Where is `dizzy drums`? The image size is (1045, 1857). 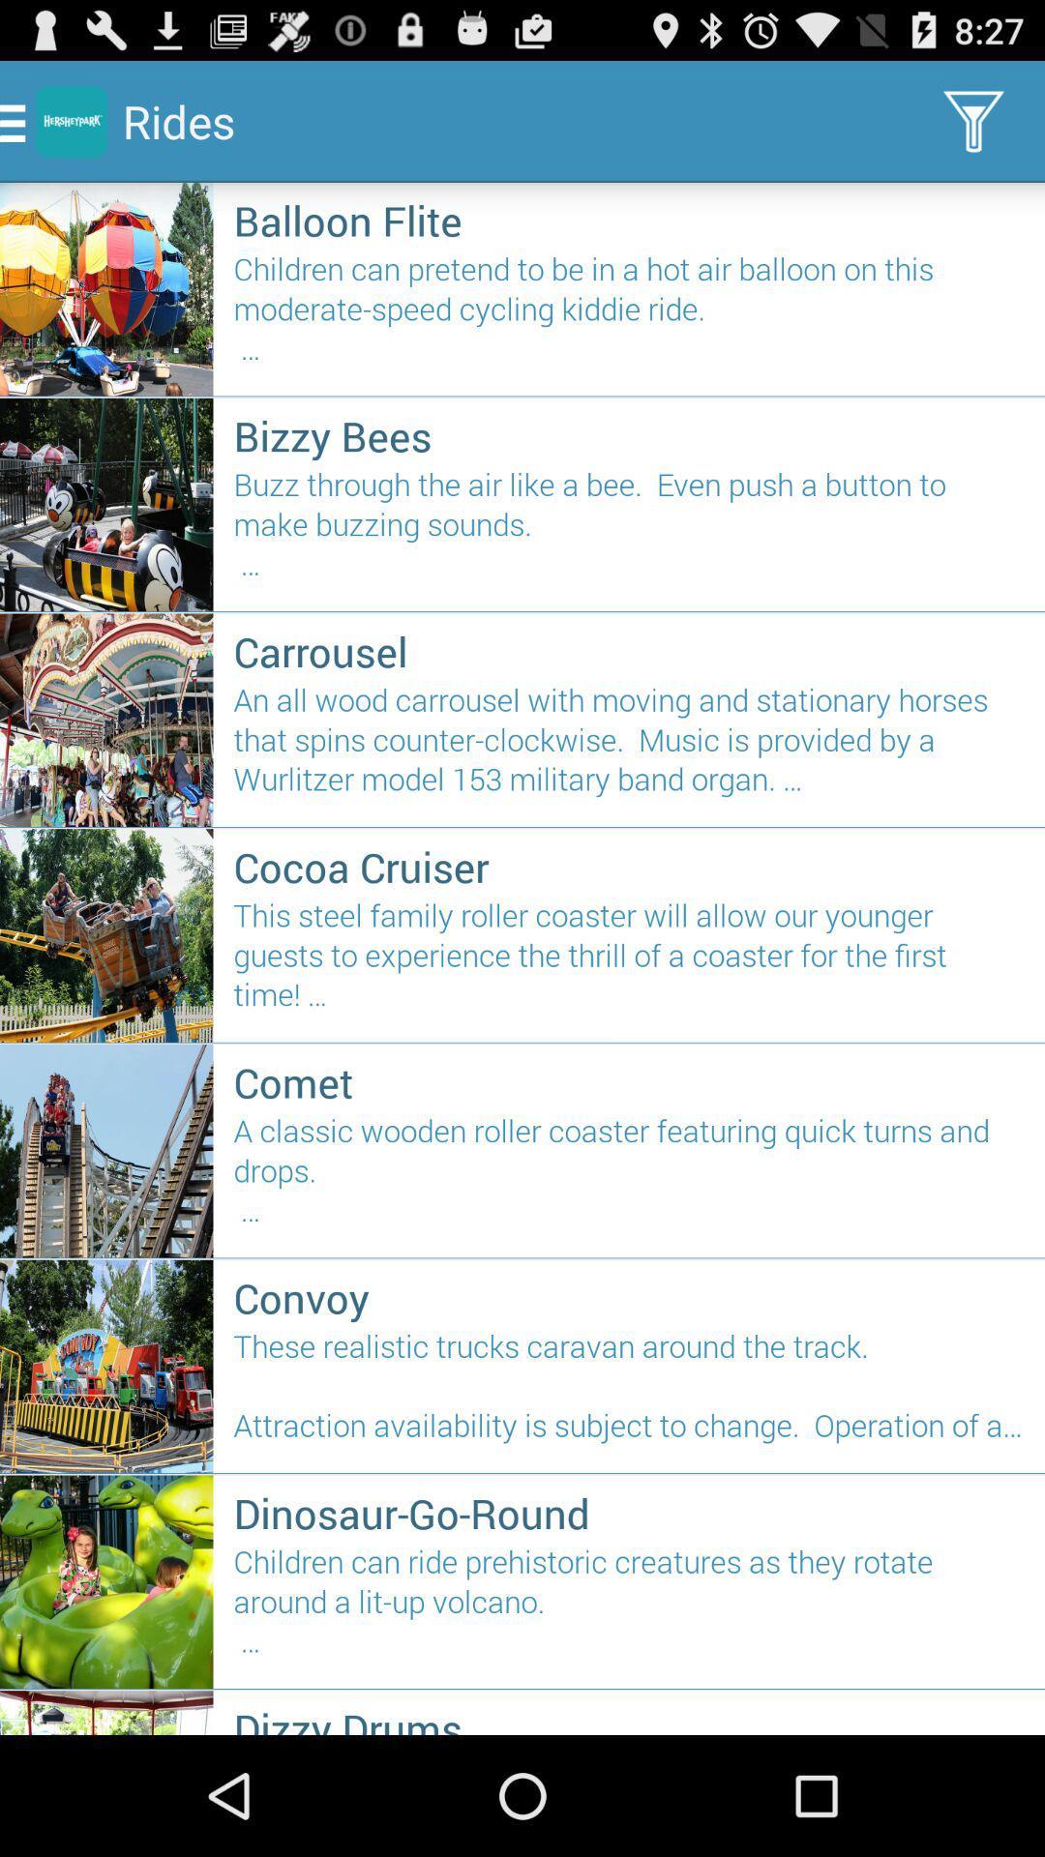 dizzy drums is located at coordinates (629, 1718).